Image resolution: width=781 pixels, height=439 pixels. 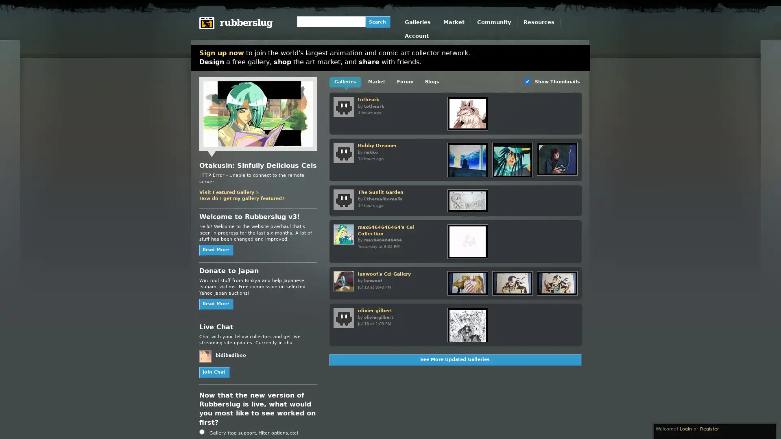 What do you see at coordinates (377, 22) in the screenshot?
I see `Search` at bounding box center [377, 22].